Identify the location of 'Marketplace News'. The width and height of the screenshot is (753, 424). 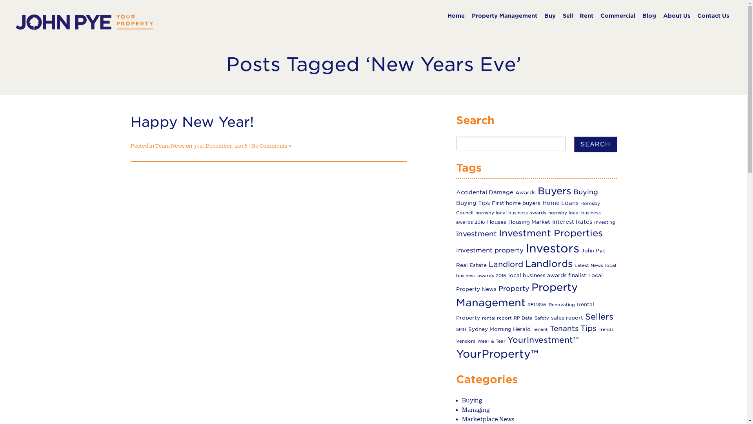
(487, 419).